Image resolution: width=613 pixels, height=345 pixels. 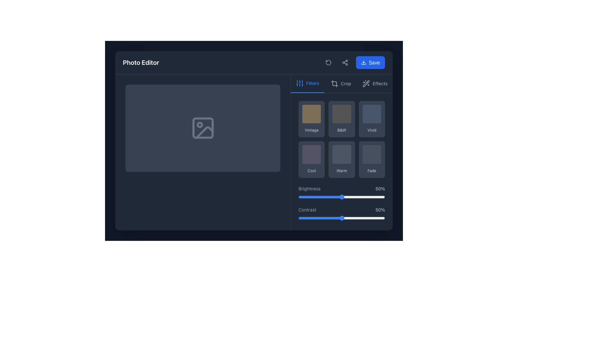 What do you see at coordinates (313, 83) in the screenshot?
I see `the label indicating the functionality of applying or managing filters, located to the right of the vertical sliders icon` at bounding box center [313, 83].